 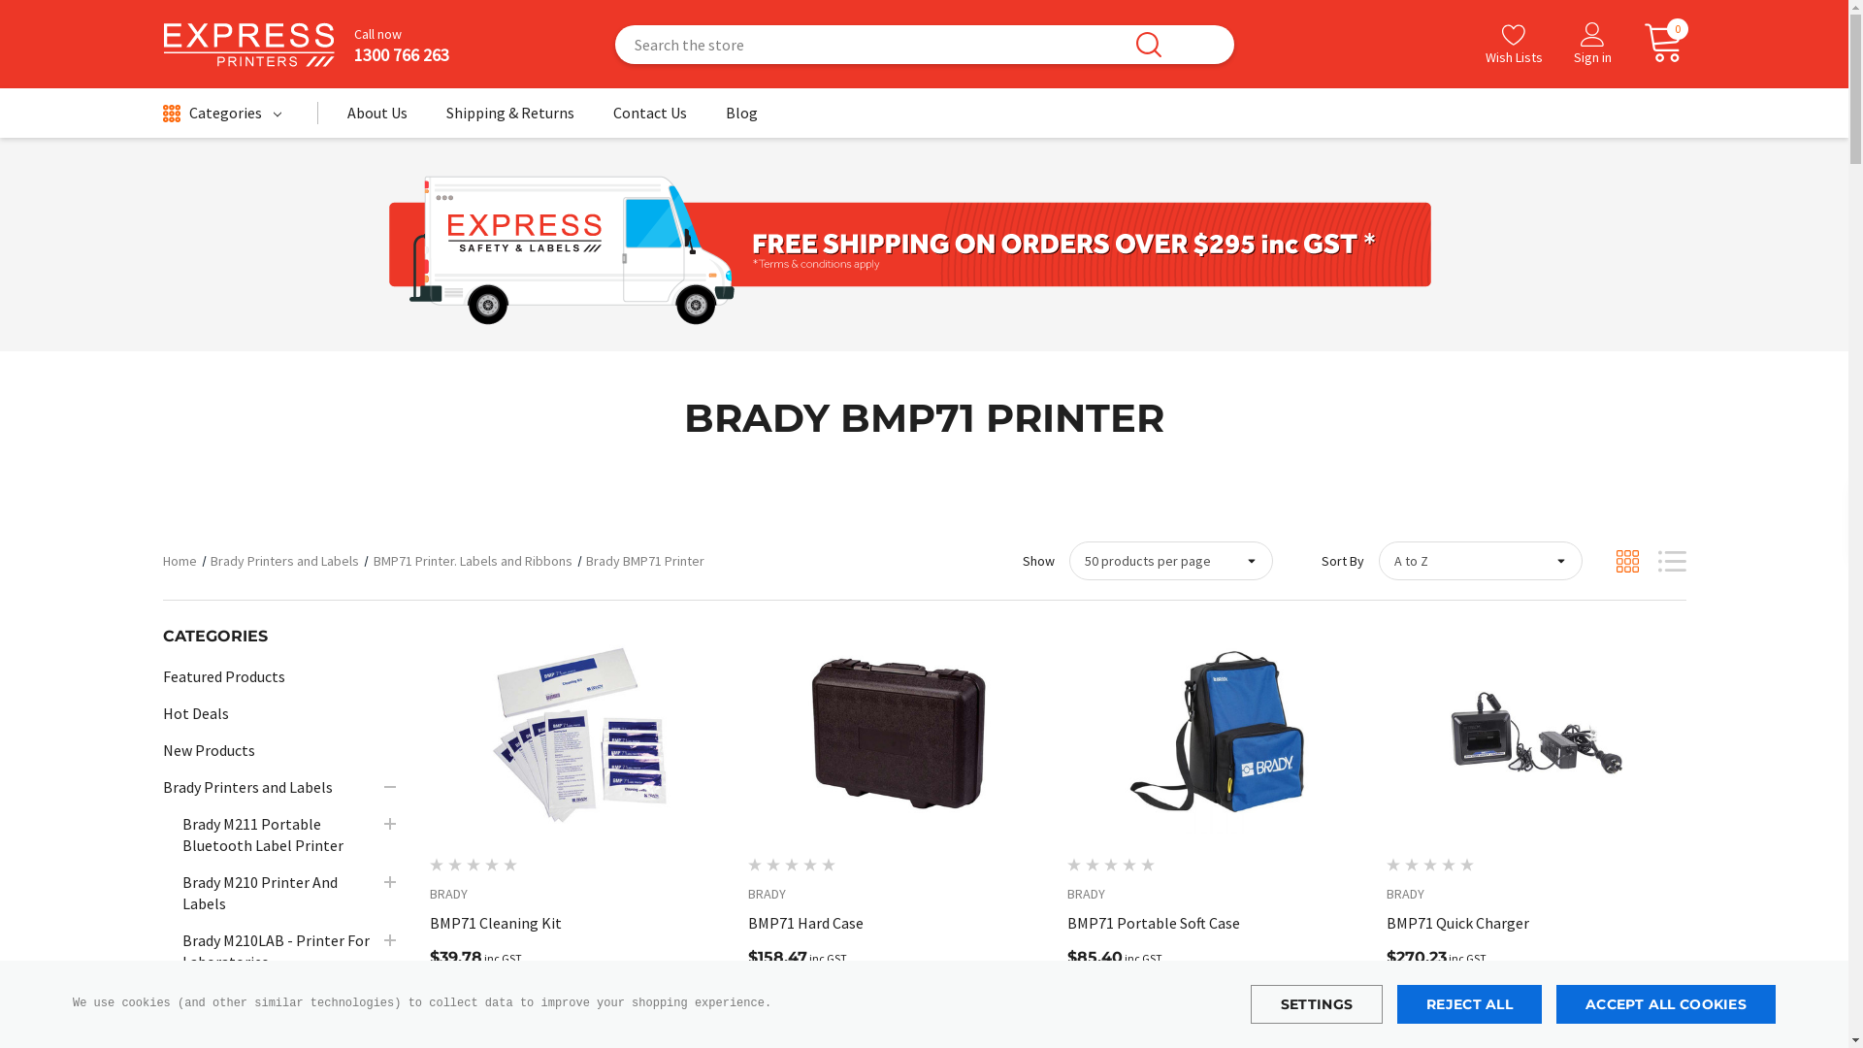 What do you see at coordinates (1512, 44) in the screenshot?
I see `'Wish Lists'` at bounding box center [1512, 44].